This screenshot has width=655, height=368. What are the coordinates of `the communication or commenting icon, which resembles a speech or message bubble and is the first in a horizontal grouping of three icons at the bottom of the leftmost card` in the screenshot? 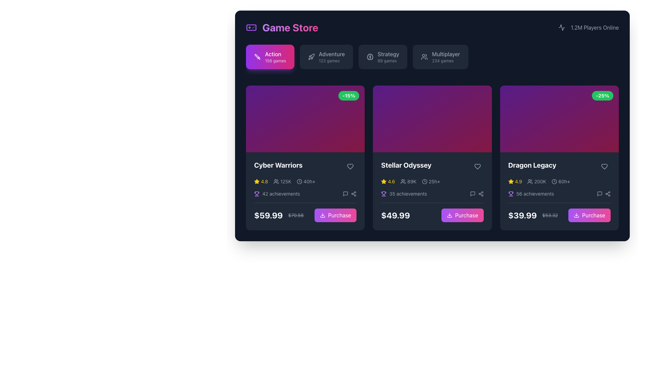 It's located at (346, 194).